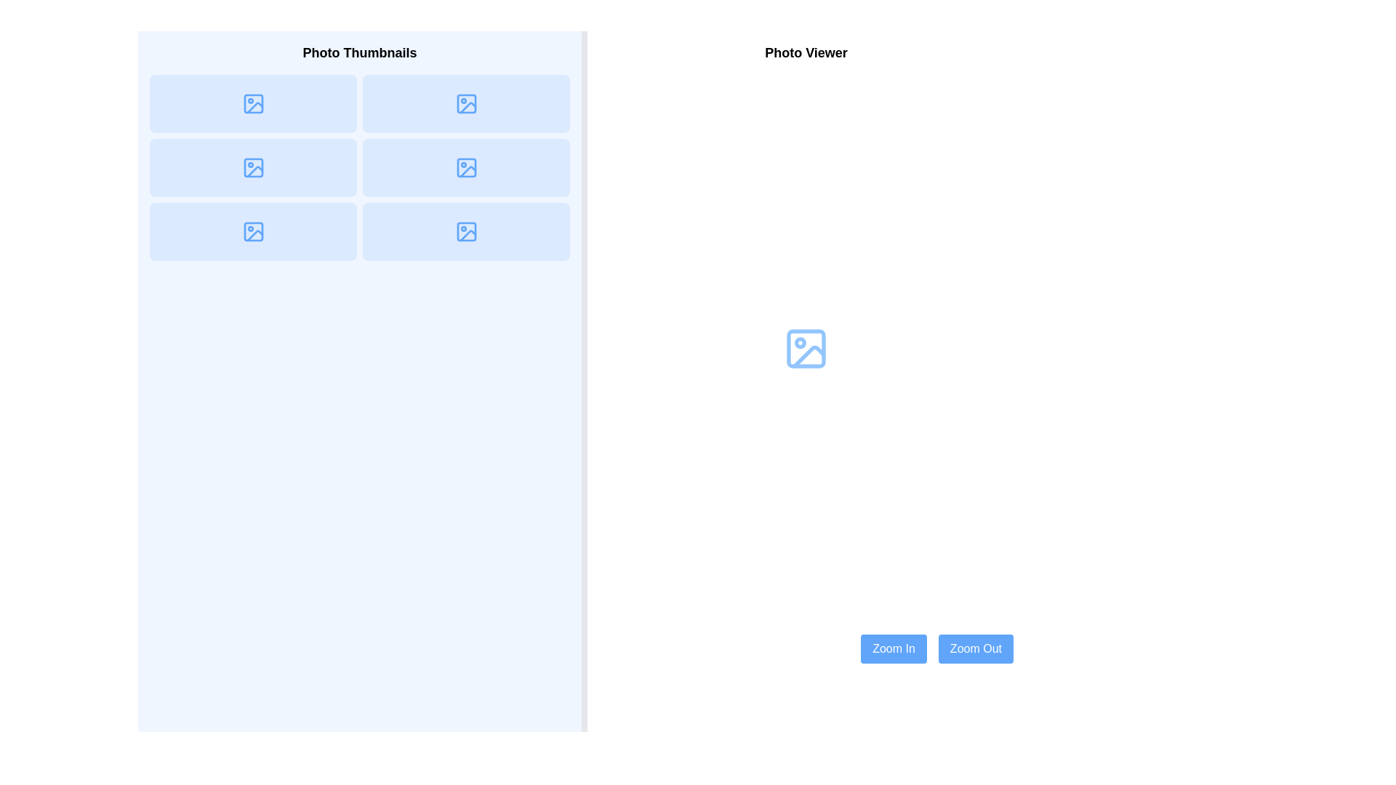 This screenshot has width=1396, height=785. I want to click on the light blue decorative indicator located in the top-right corner of the thumbnail icon in the middle column of the second row of the photo viewer interface, so click(466, 167).